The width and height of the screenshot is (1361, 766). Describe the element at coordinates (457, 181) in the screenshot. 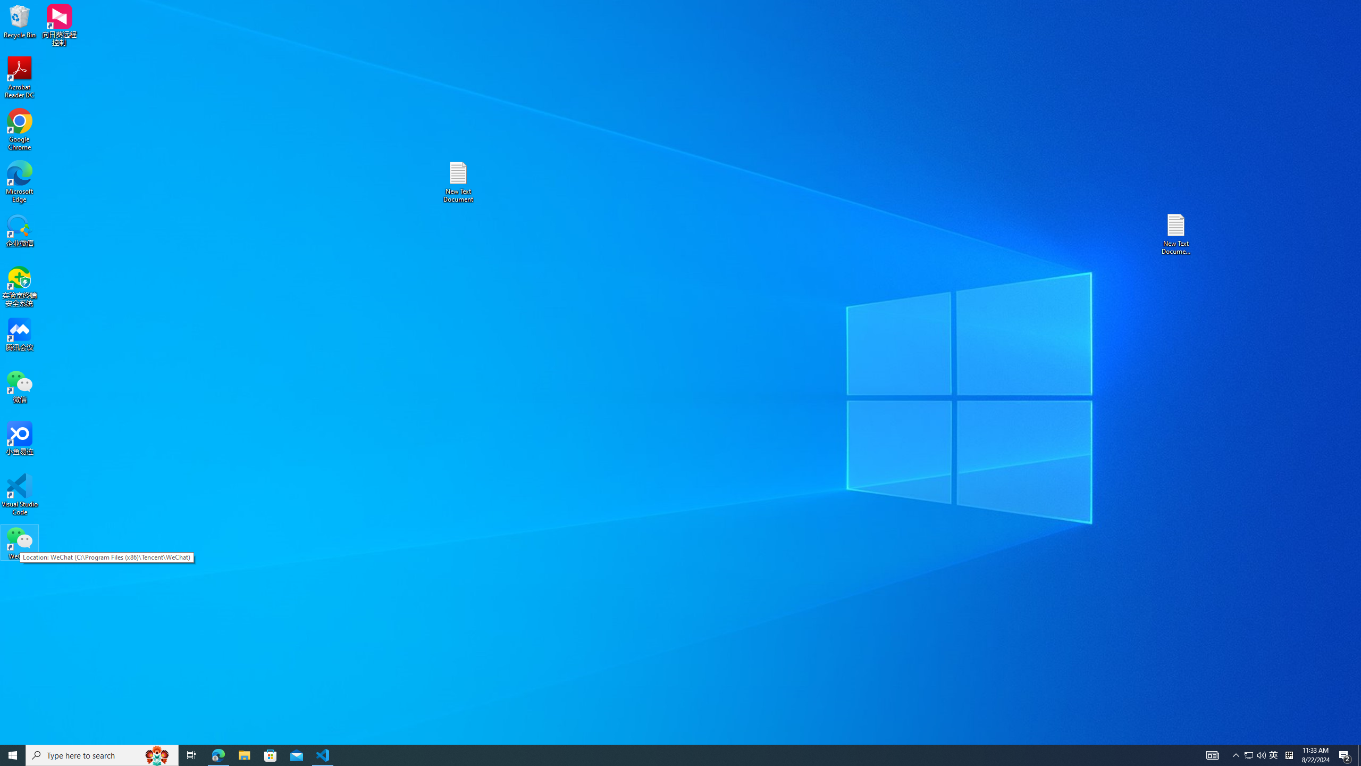

I see `'New Text Document'` at that location.